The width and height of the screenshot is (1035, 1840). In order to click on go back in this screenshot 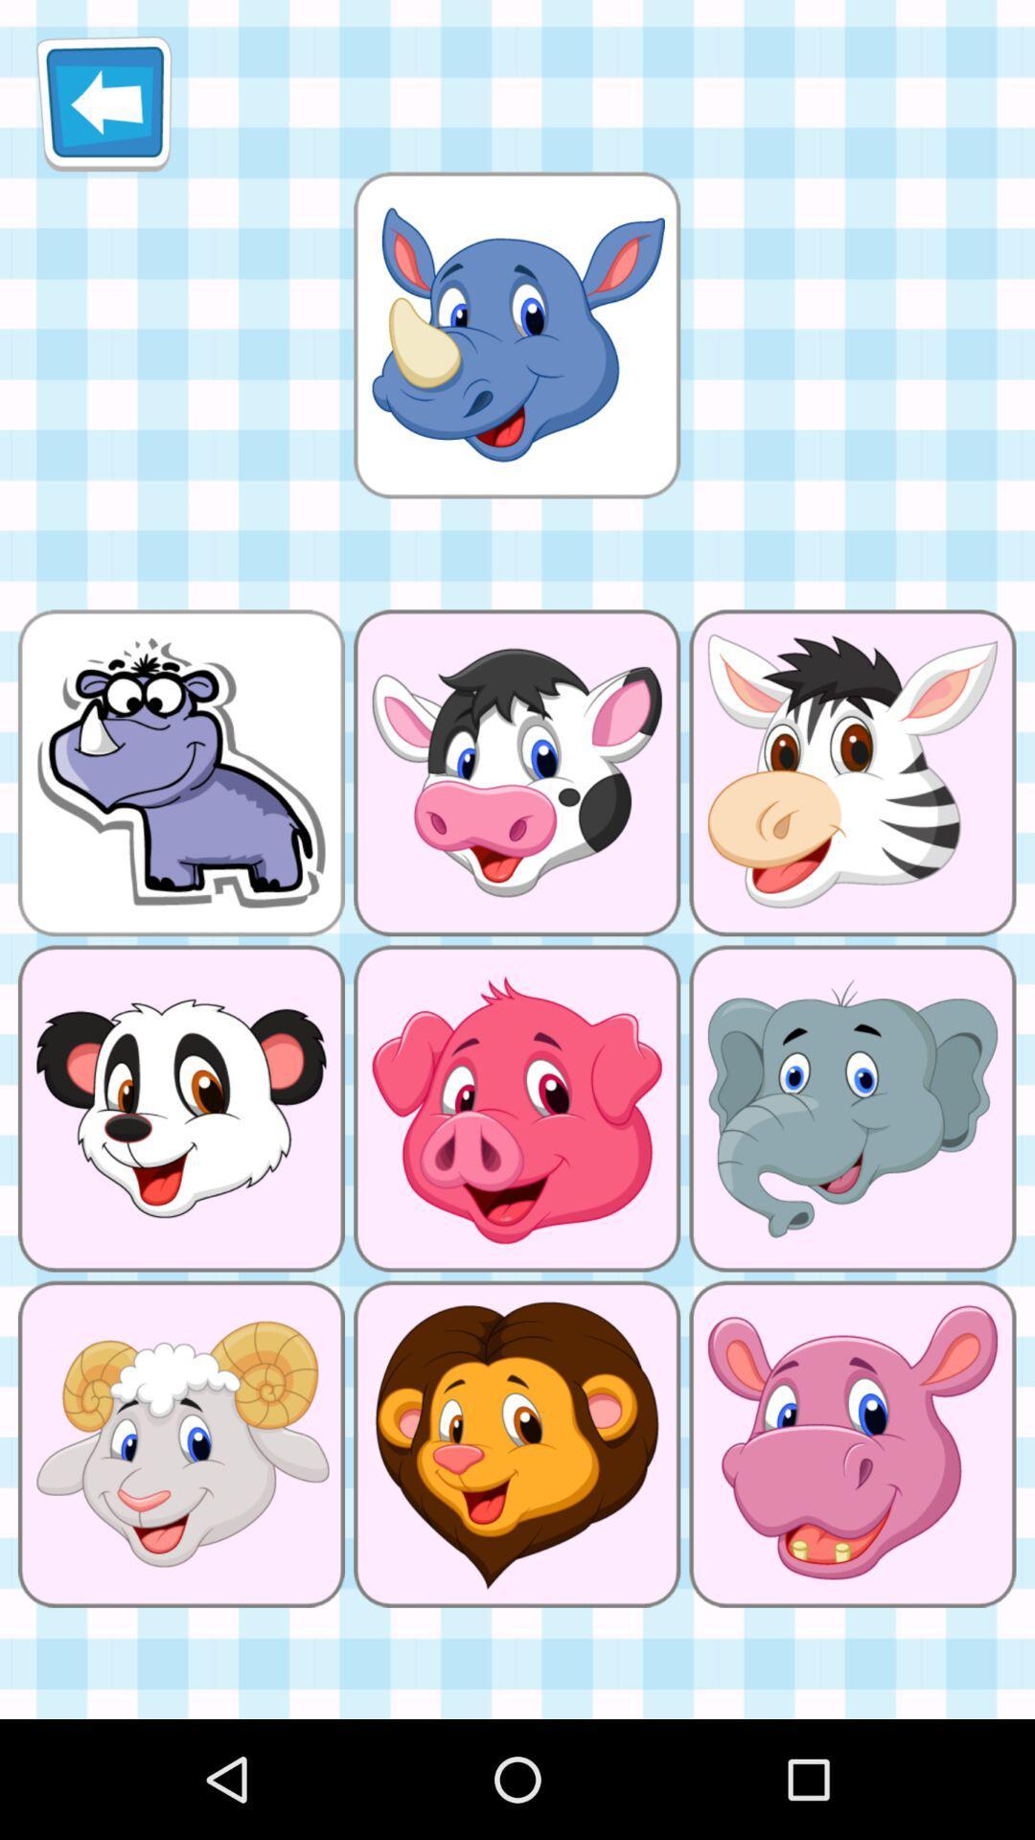, I will do `click(103, 103)`.